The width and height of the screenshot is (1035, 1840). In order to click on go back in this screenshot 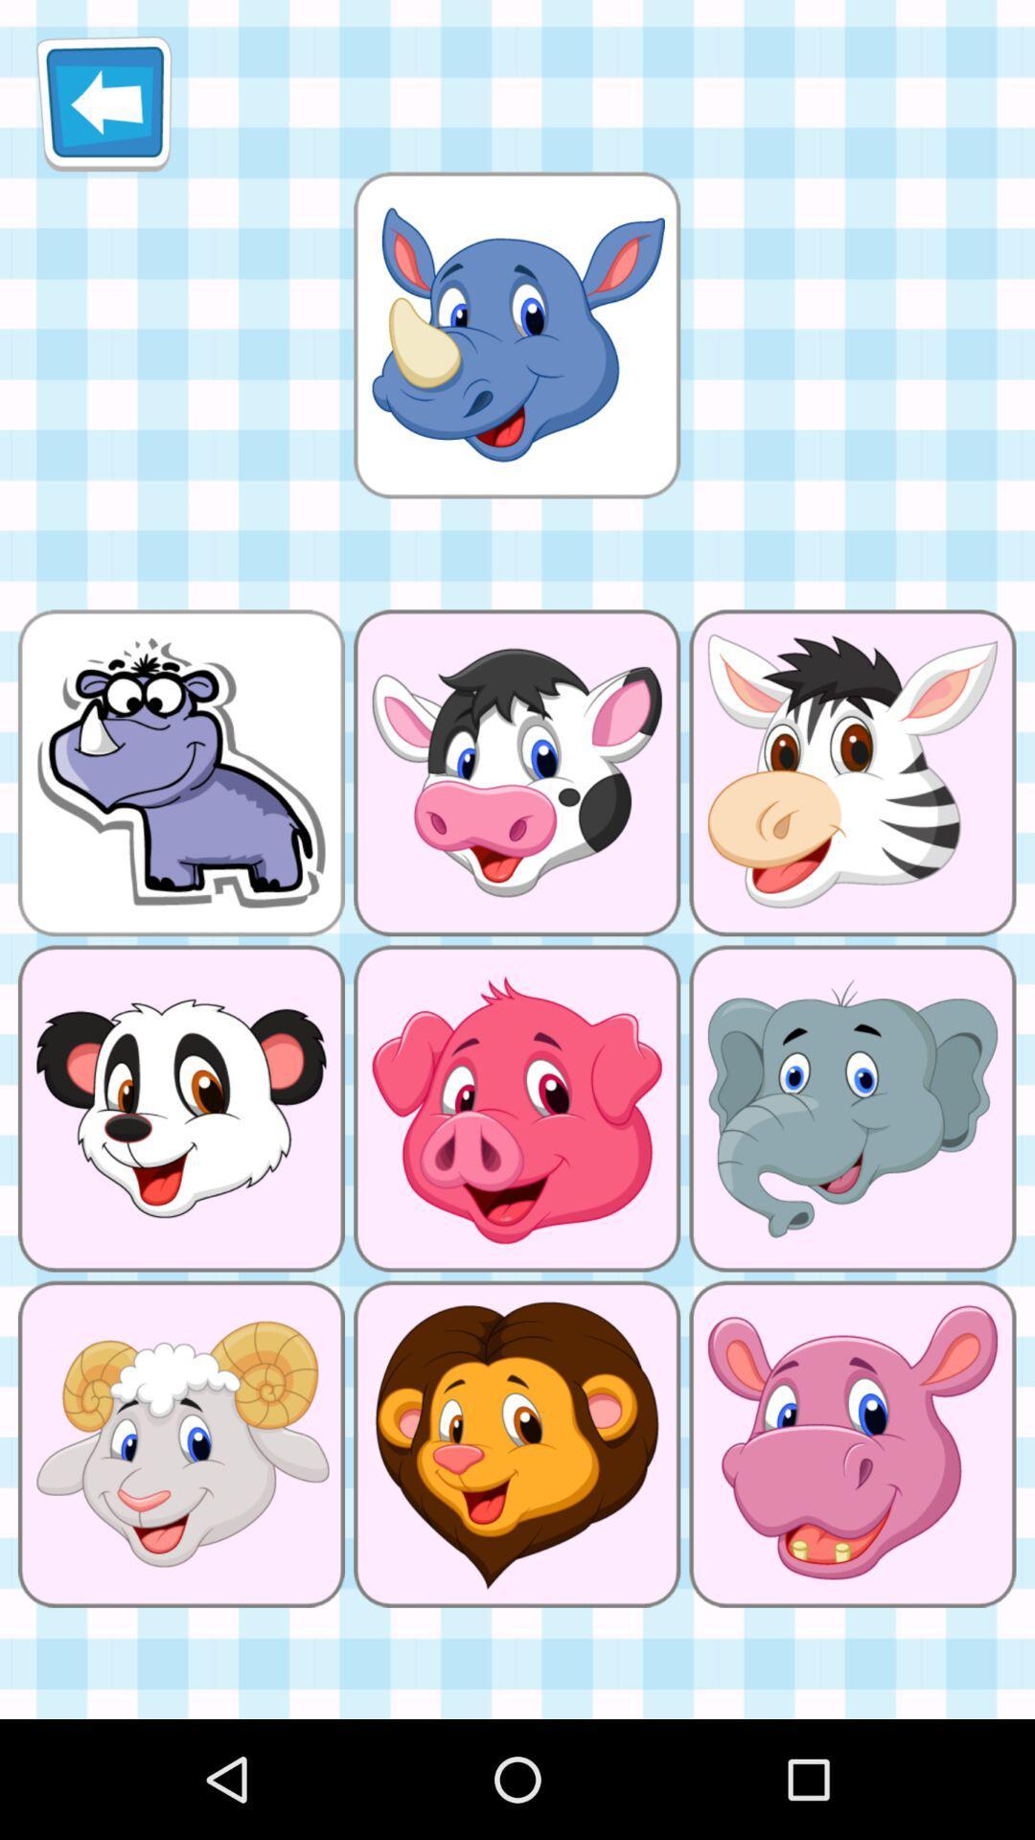, I will do `click(103, 103)`.